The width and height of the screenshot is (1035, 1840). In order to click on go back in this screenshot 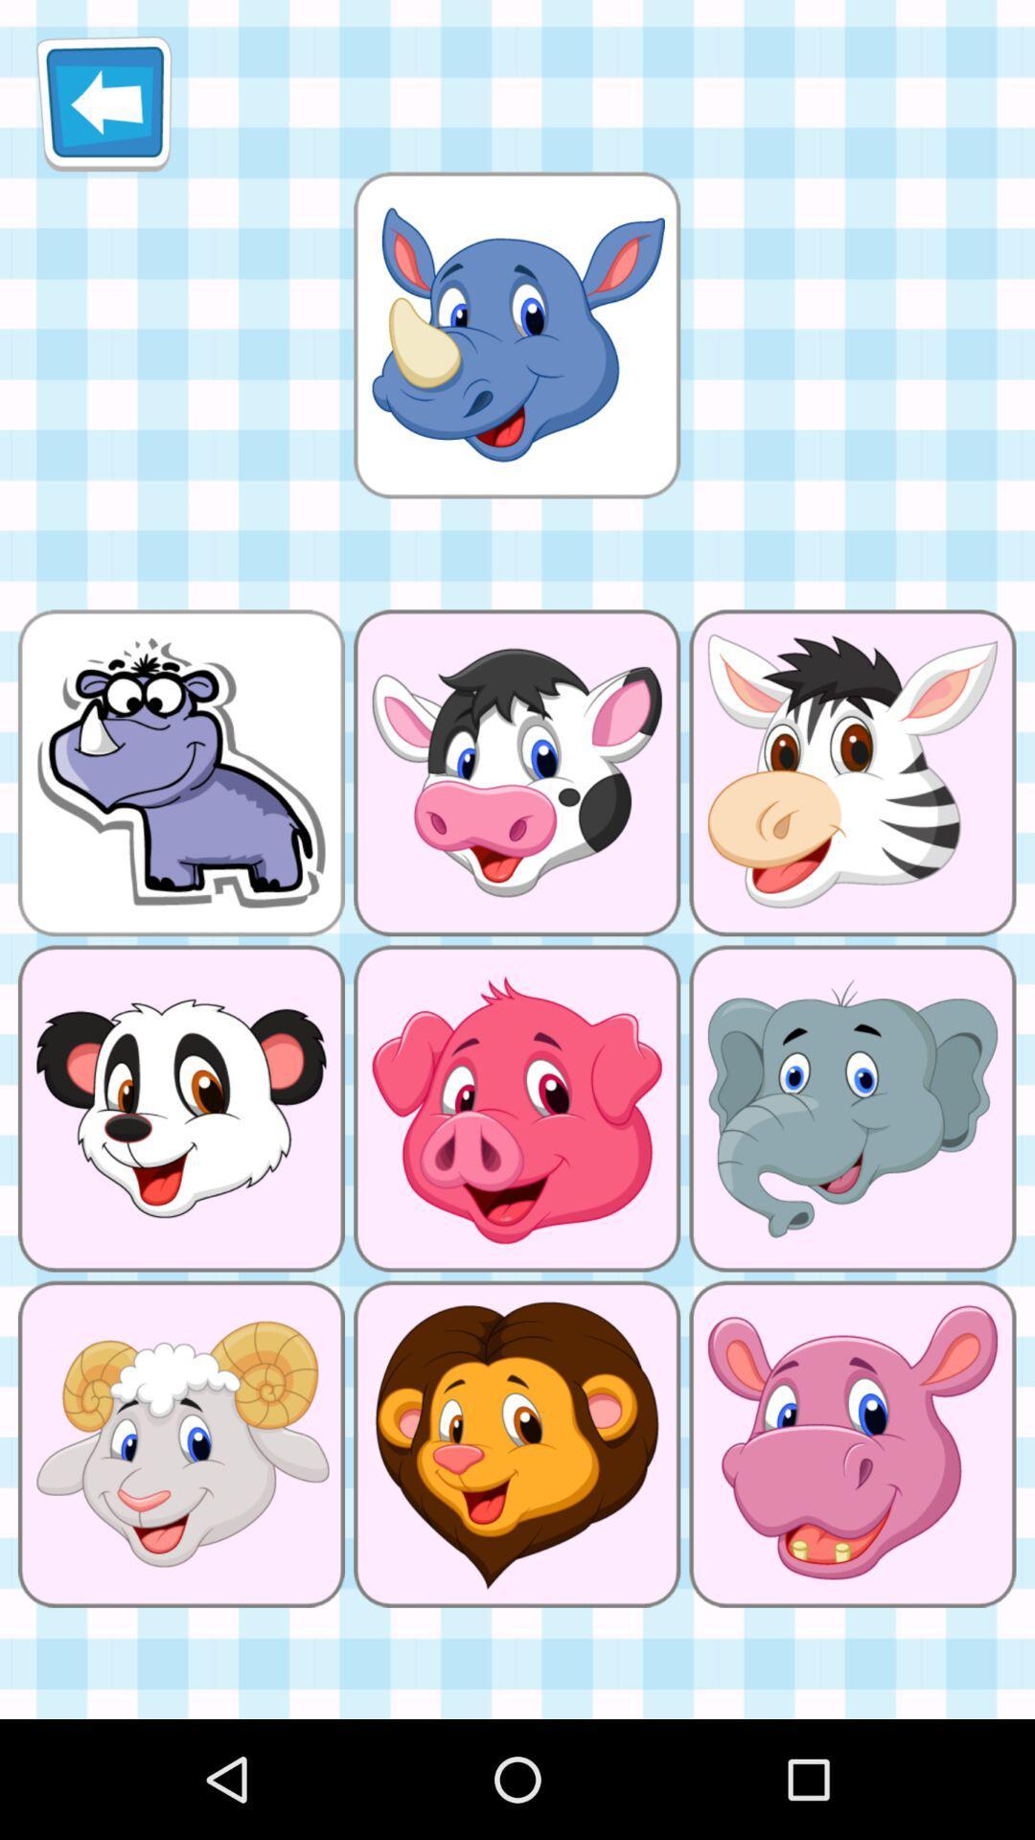, I will do `click(103, 103)`.